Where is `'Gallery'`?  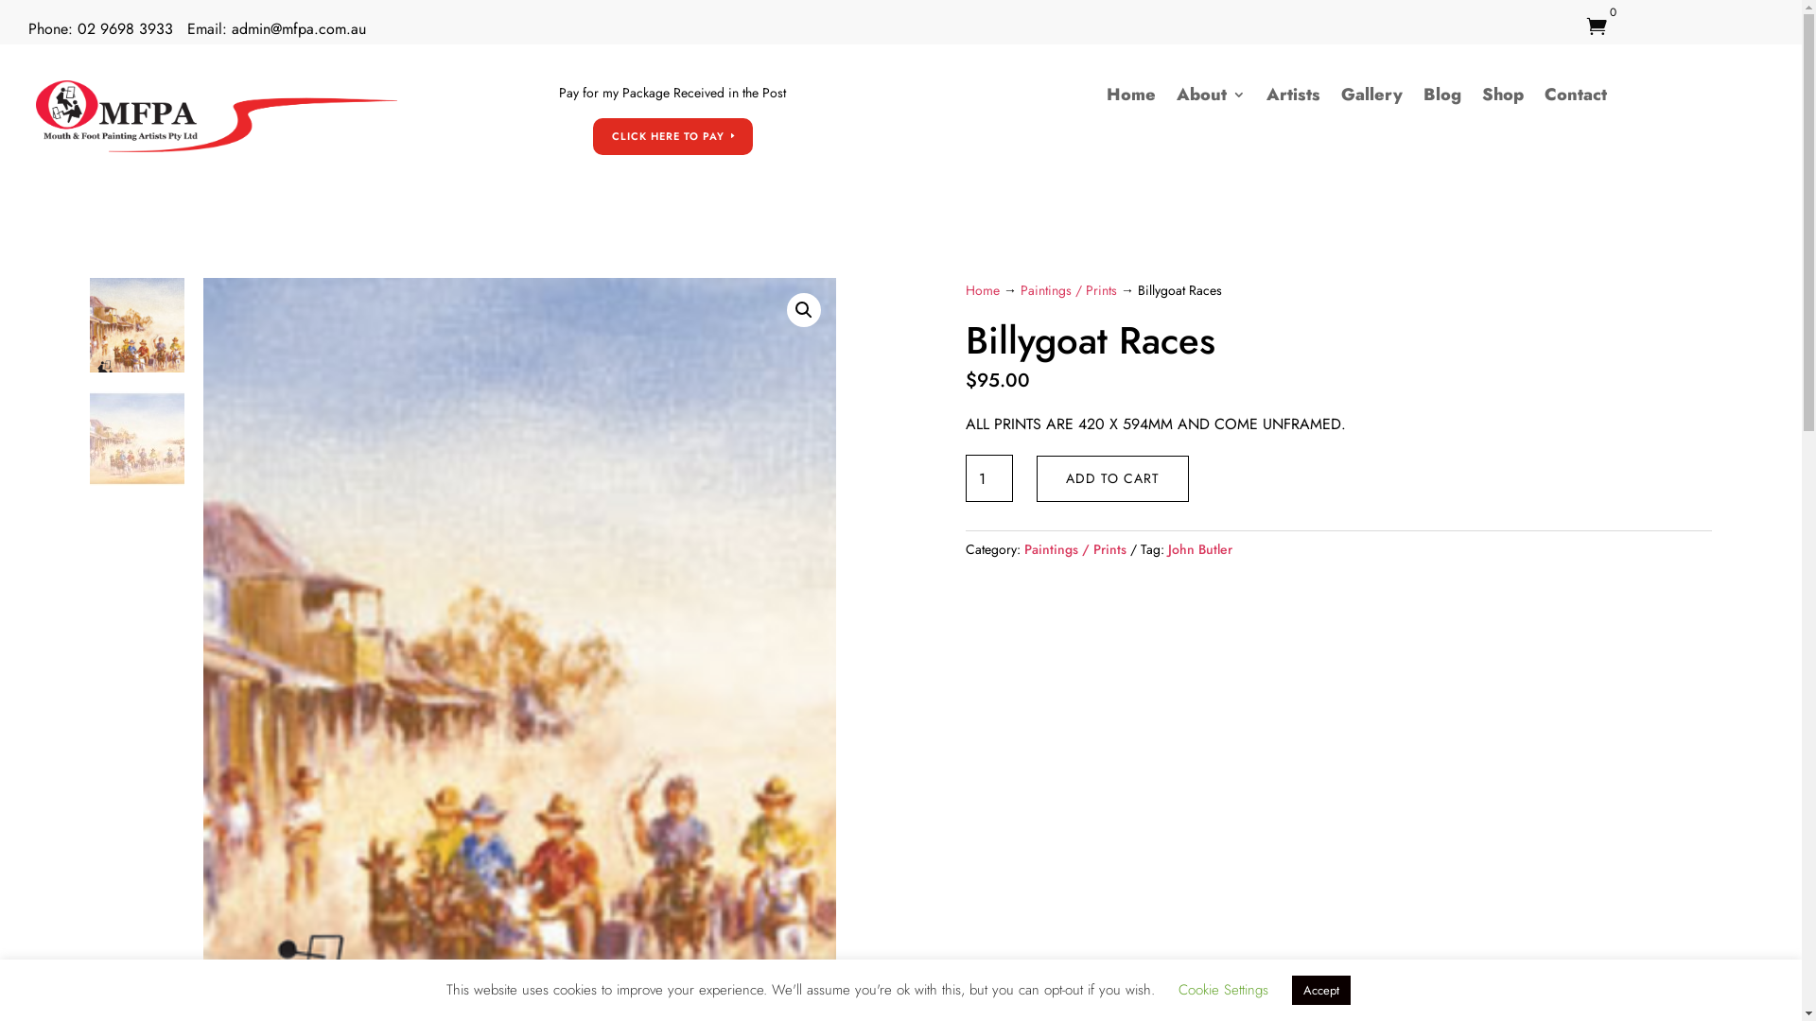
'Gallery' is located at coordinates (1371, 98).